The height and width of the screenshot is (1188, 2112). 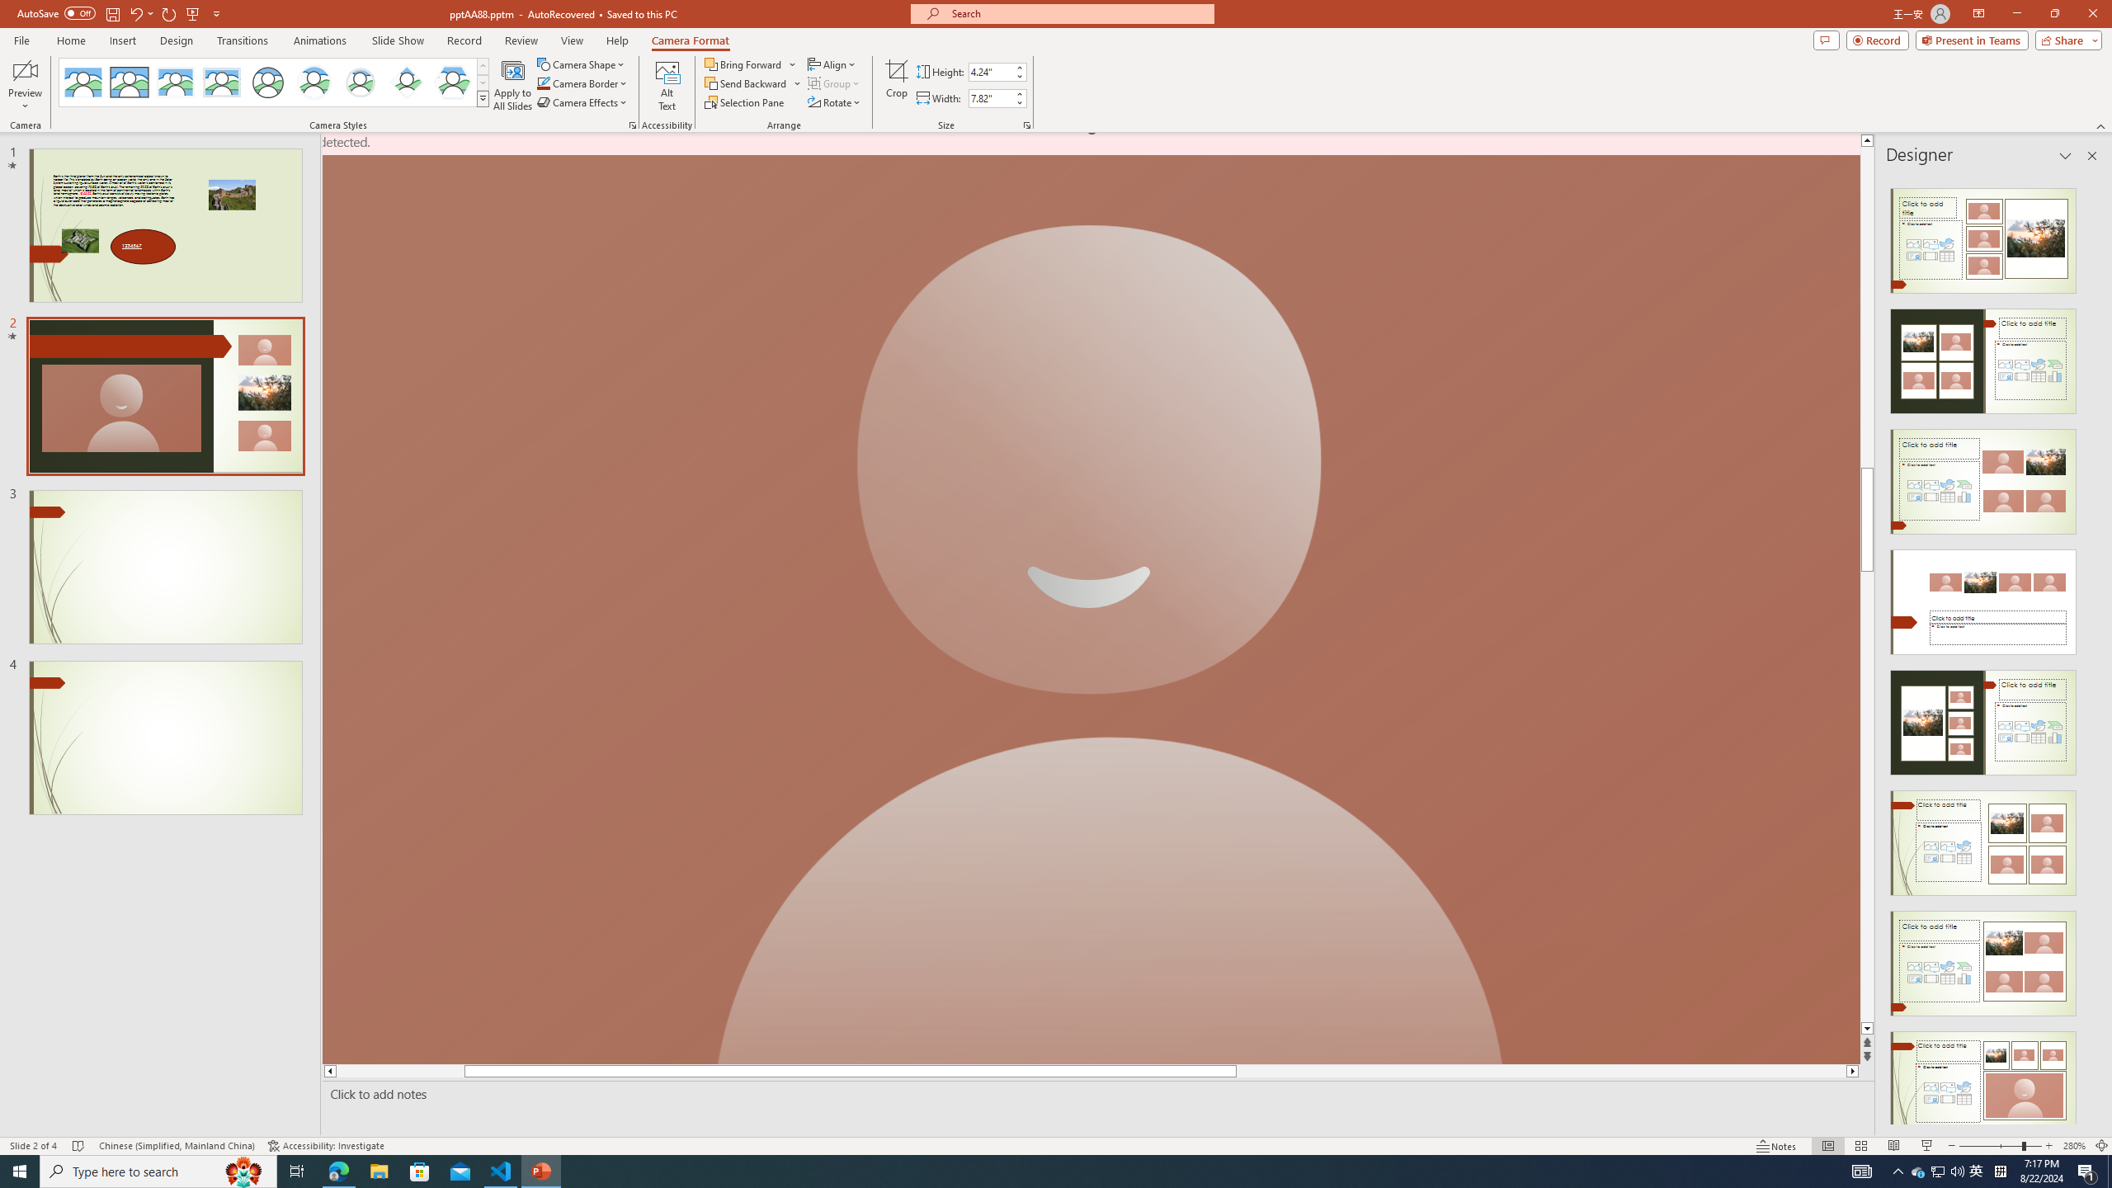 I want to click on 'AutomationID: CameoStylesGallery', so click(x=273, y=82).